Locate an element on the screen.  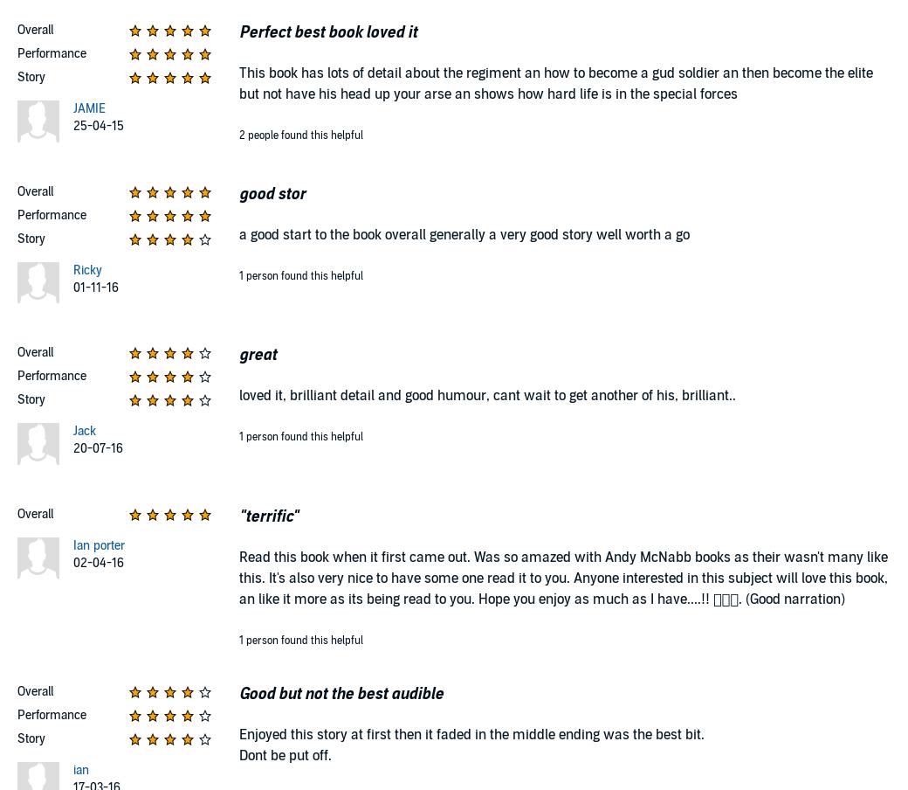
'"terrific"' is located at coordinates (268, 515).